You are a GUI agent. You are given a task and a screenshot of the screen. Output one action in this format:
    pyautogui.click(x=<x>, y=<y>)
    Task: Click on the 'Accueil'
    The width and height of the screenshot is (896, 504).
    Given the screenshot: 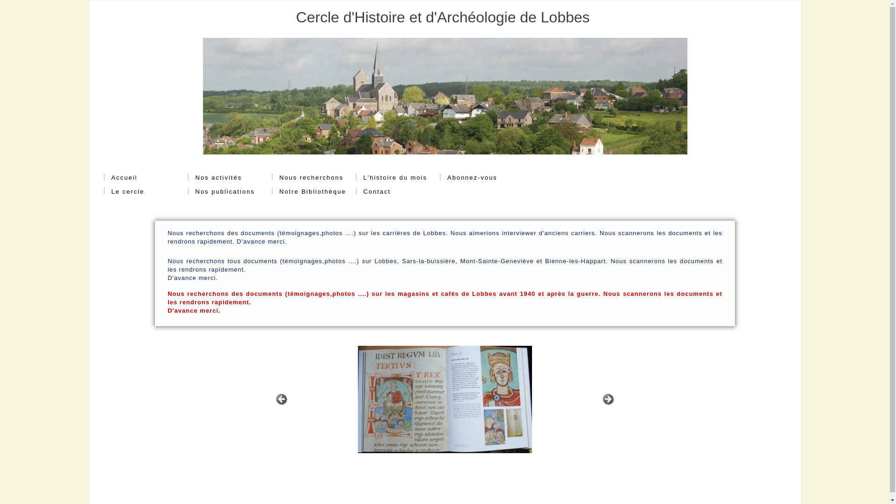 What is the action you would take?
    pyautogui.click(x=120, y=178)
    